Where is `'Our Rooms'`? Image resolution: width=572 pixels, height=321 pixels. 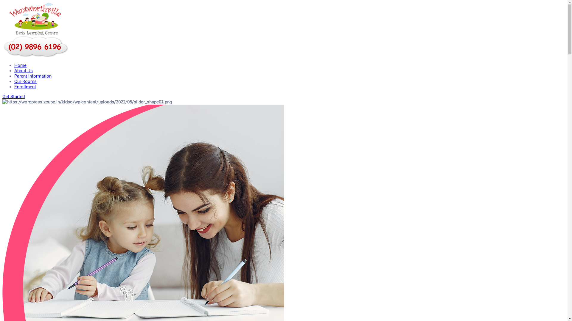 'Our Rooms' is located at coordinates (25, 81).